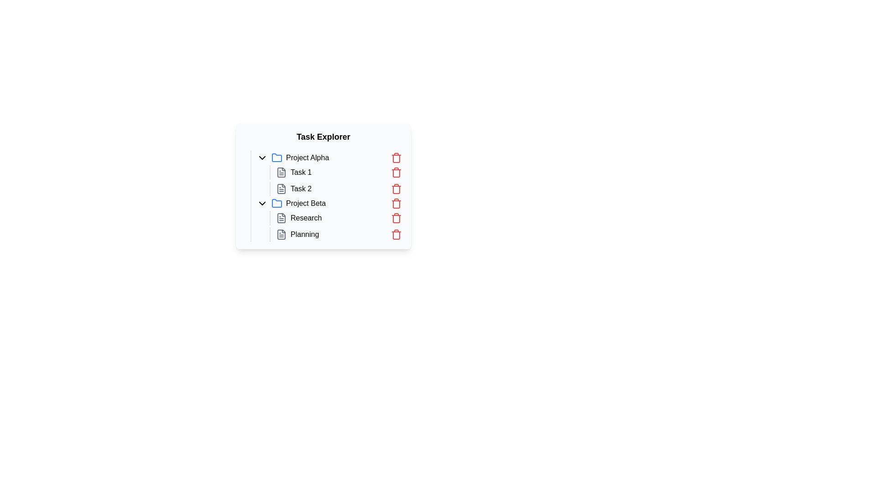 This screenshot has width=876, height=493. What do you see at coordinates (276, 203) in the screenshot?
I see `the folder icon representing 'Project Beta' to trigger a tooltip` at bounding box center [276, 203].